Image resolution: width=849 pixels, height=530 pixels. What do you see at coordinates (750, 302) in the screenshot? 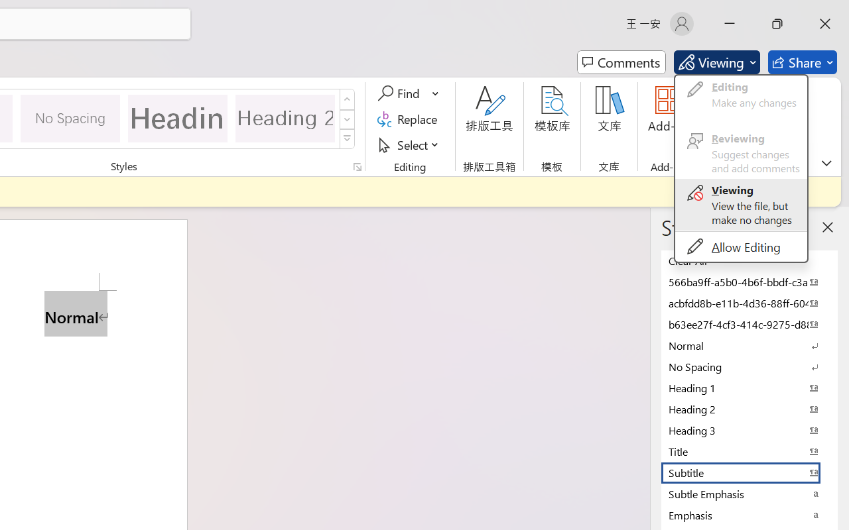
I see `'acbfdd8b-e11b-4d36-88ff-6049b138f862'` at bounding box center [750, 302].